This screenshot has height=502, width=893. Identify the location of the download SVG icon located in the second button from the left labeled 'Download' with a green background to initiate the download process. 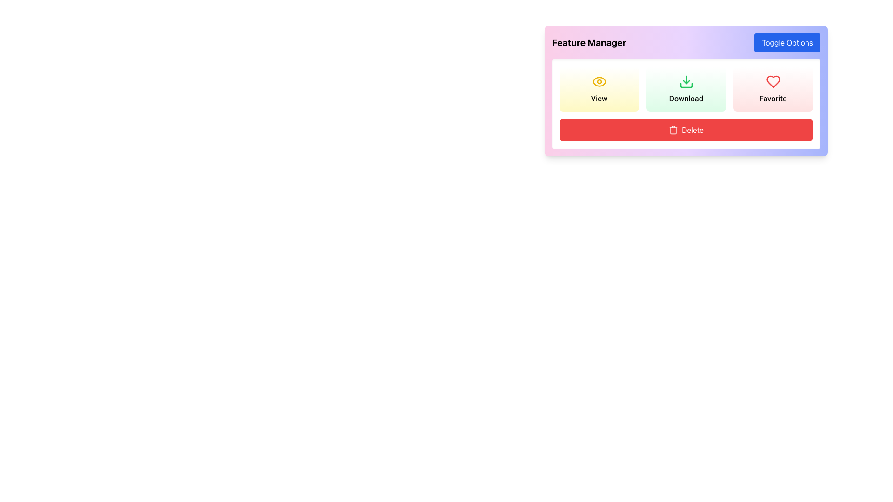
(686, 81).